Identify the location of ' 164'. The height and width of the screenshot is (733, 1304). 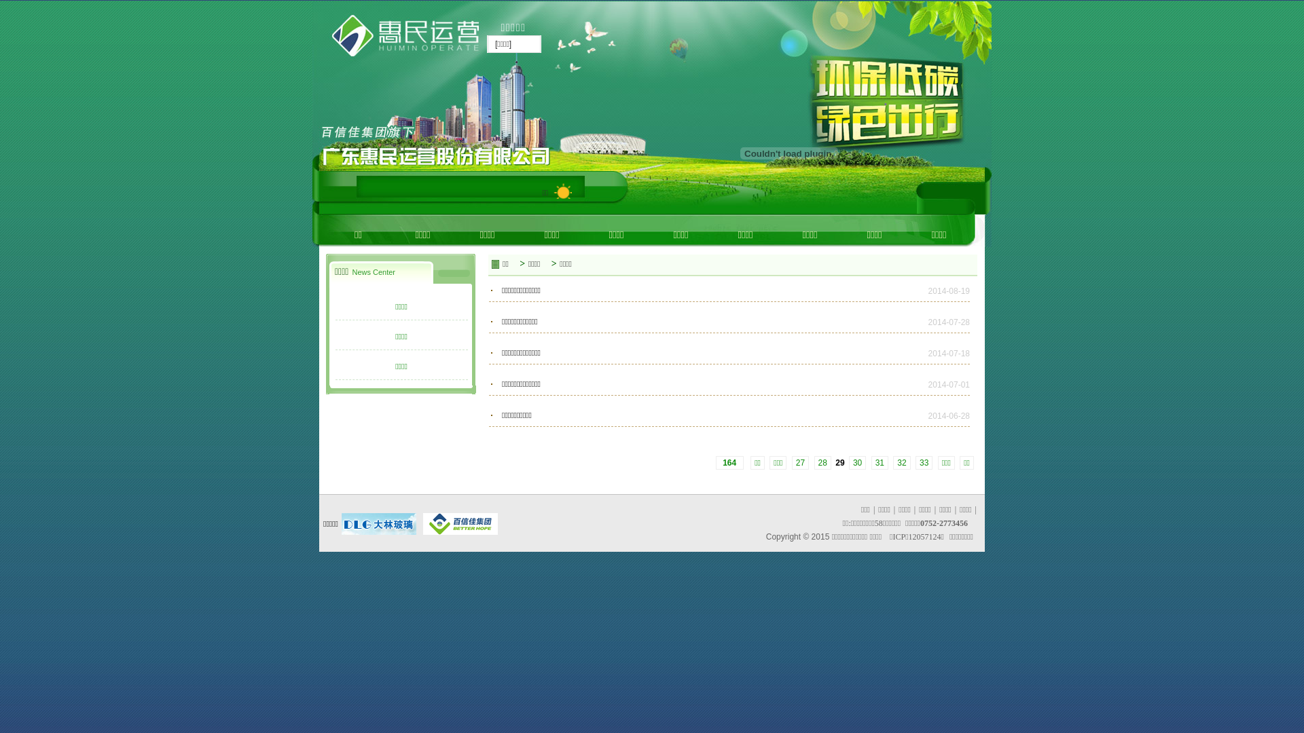
(729, 462).